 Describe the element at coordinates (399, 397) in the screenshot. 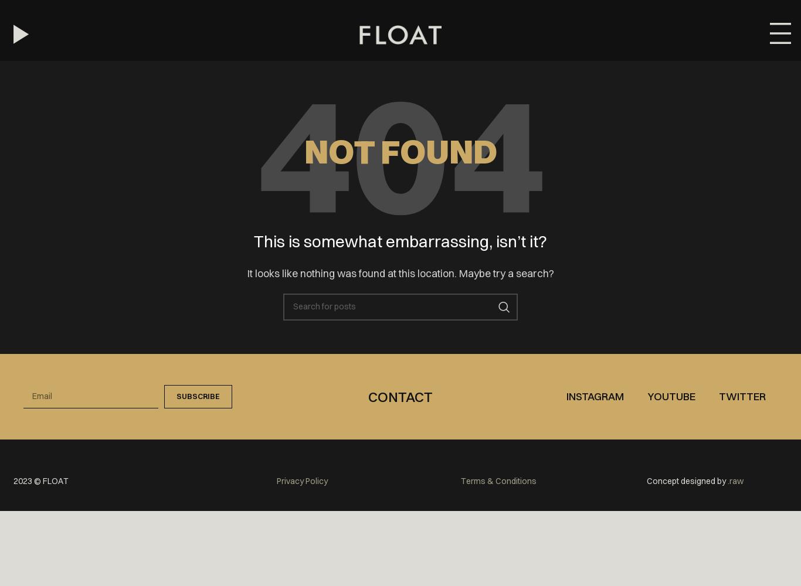

I see `'Contact'` at that location.